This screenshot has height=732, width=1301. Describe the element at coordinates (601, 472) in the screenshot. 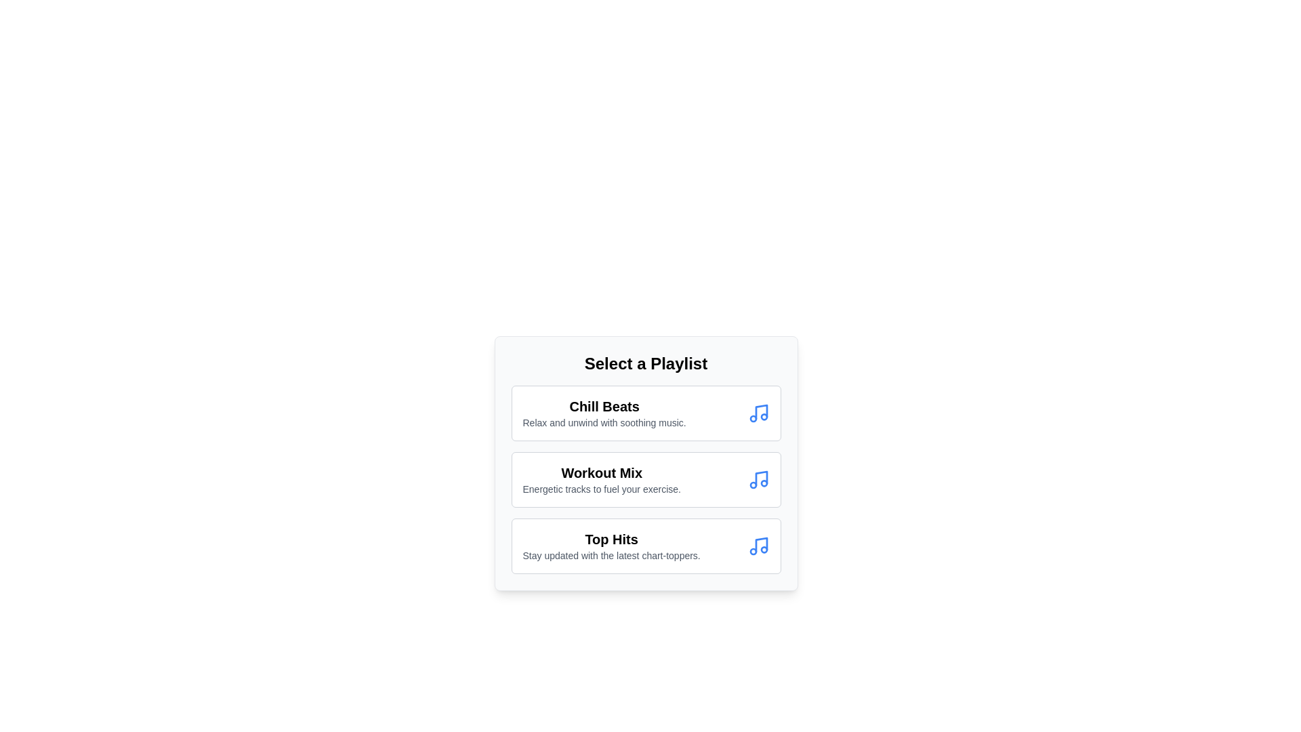

I see `the 'Workout Mix' text label, which is styled in bold, large black font and is prominently positioned in a card-like structure` at that location.